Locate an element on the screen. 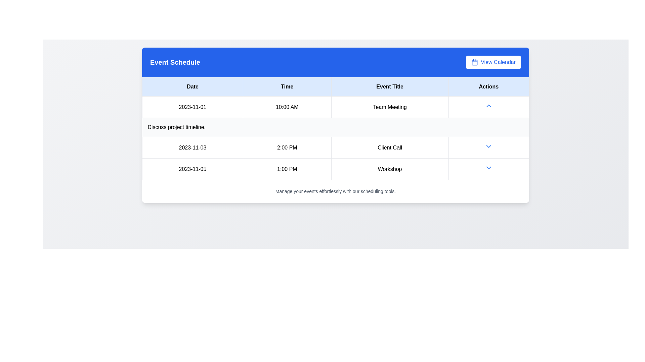 Image resolution: width=645 pixels, height=362 pixels. the third row of the event schedule table displaying the event entry for 'Workshop' on '2023-11-05' at '1:00 PM' for more details is located at coordinates (335, 169).